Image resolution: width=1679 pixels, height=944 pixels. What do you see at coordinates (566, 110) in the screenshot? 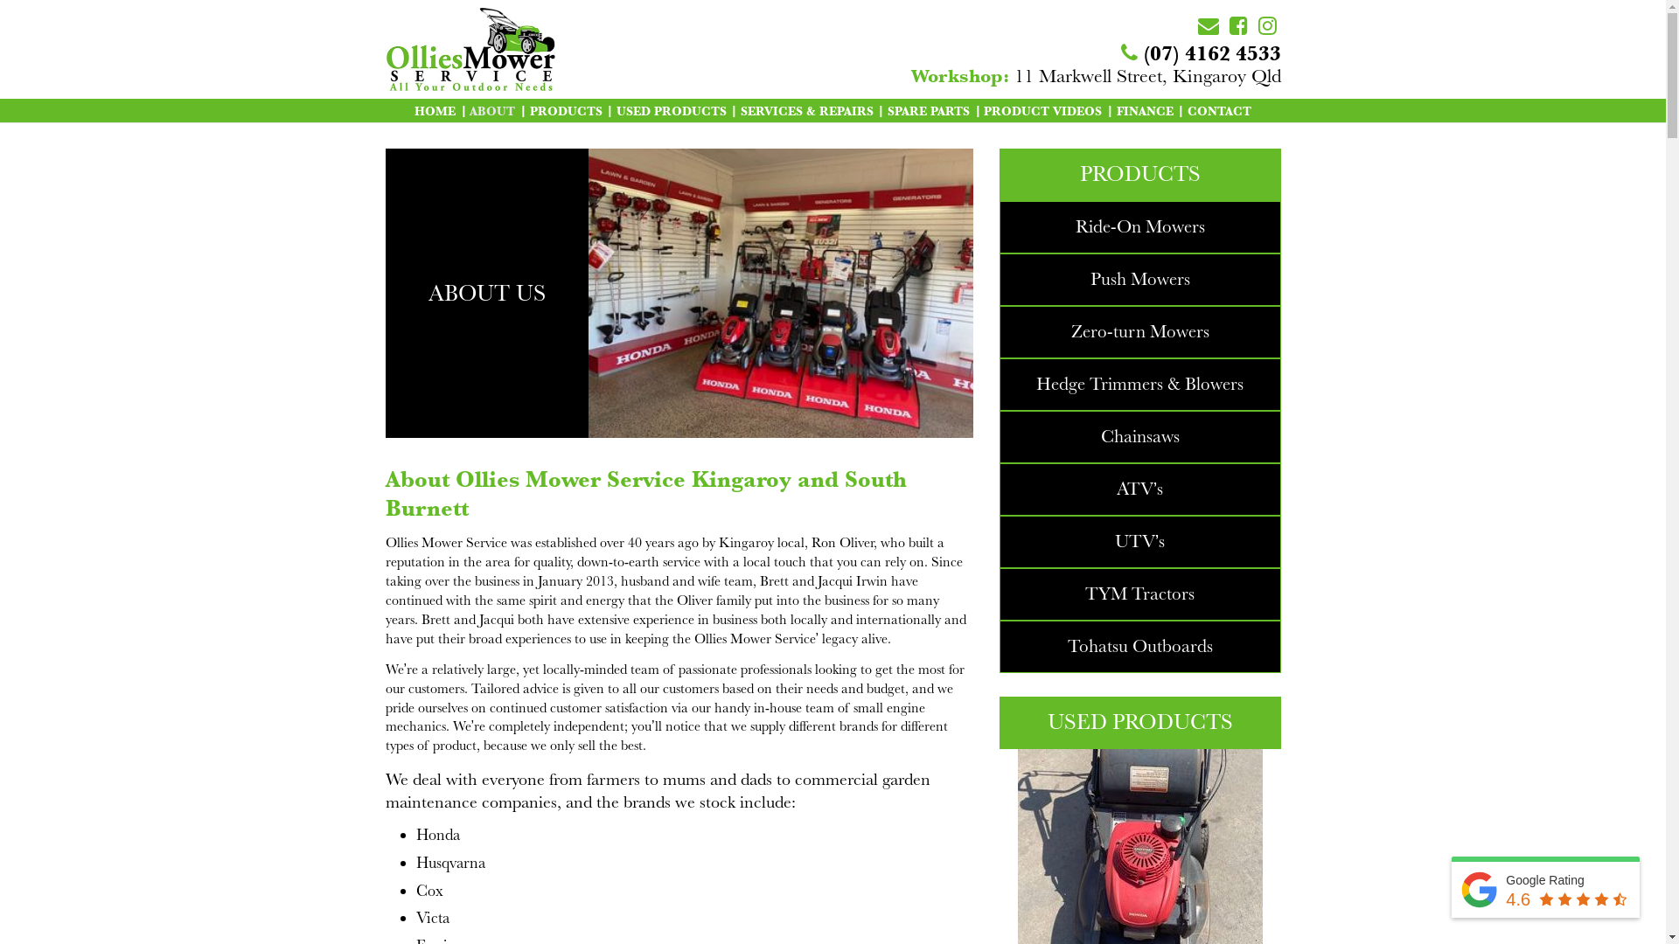
I see `'PRODUCTS'` at bounding box center [566, 110].